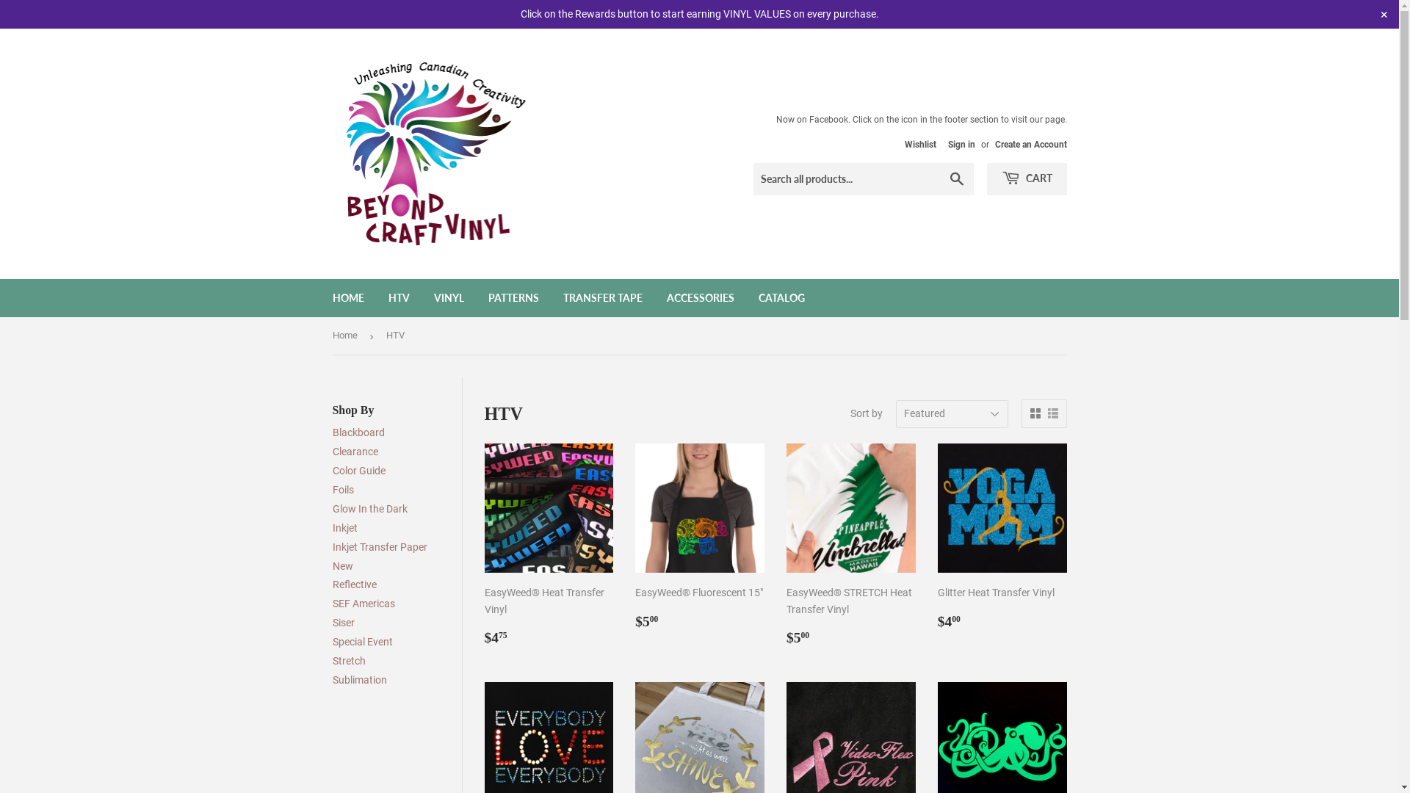 Image resolution: width=1410 pixels, height=793 pixels. Describe the element at coordinates (359, 679) in the screenshot. I see `'Sublimation'` at that location.